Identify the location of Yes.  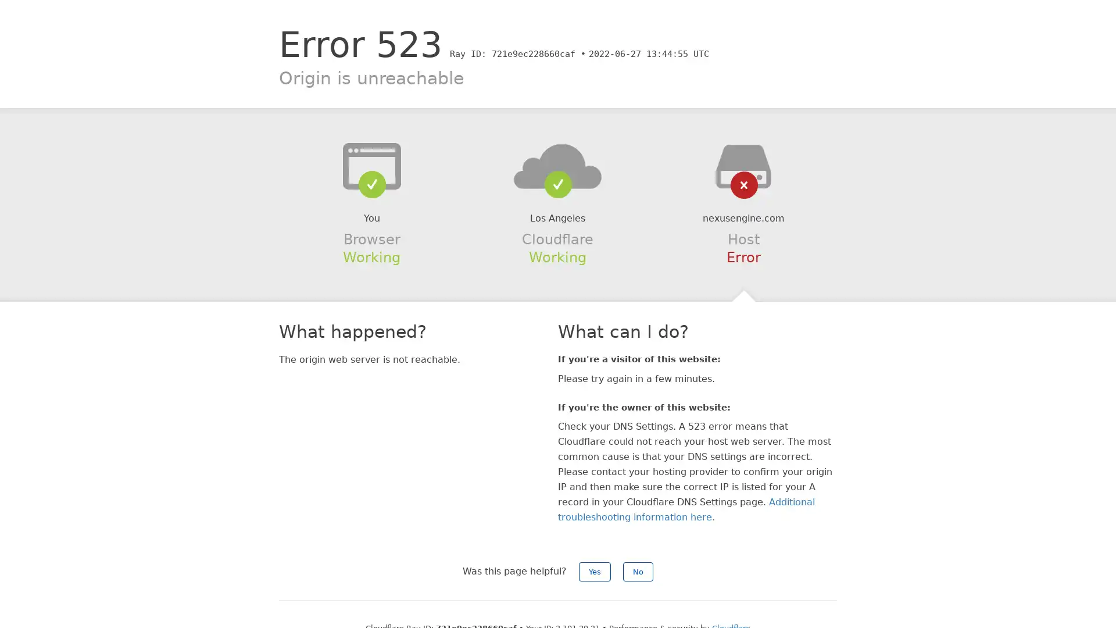
(595, 571).